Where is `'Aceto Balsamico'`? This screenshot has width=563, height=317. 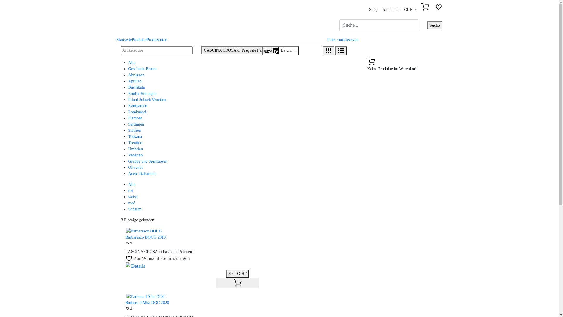 'Aceto Balsamico' is located at coordinates (142, 173).